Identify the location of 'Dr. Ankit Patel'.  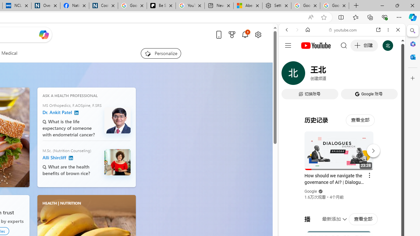
(76, 113).